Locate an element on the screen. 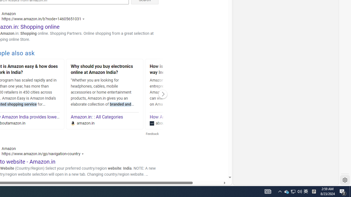  'AutomationID: mfa_root' is located at coordinates (209, 161).